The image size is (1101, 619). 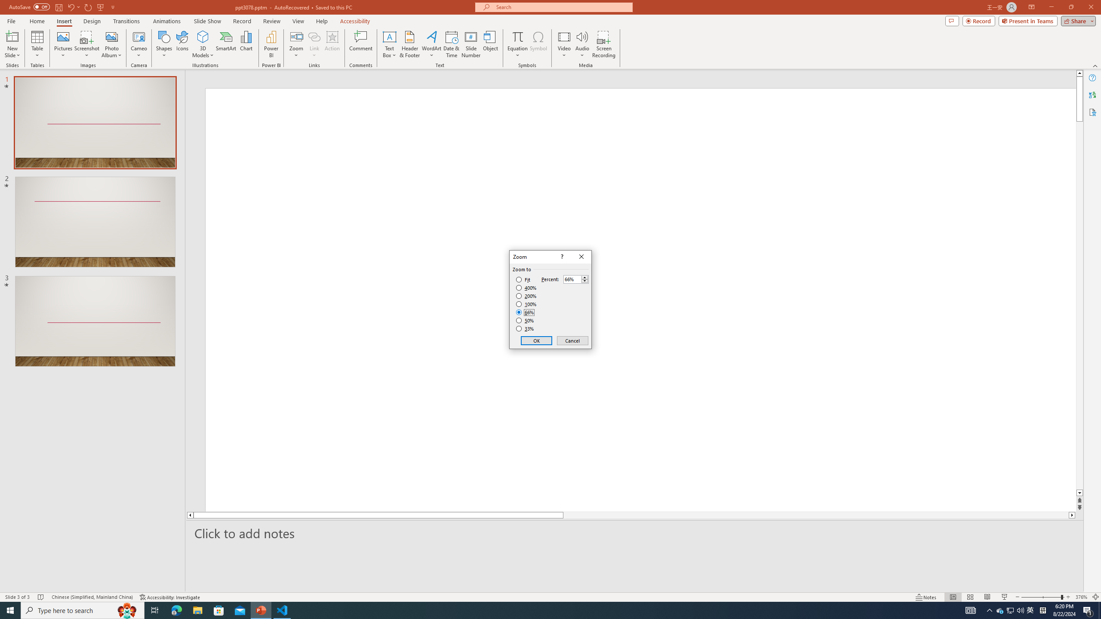 What do you see at coordinates (226, 44) in the screenshot?
I see `'SmartArt...'` at bounding box center [226, 44].